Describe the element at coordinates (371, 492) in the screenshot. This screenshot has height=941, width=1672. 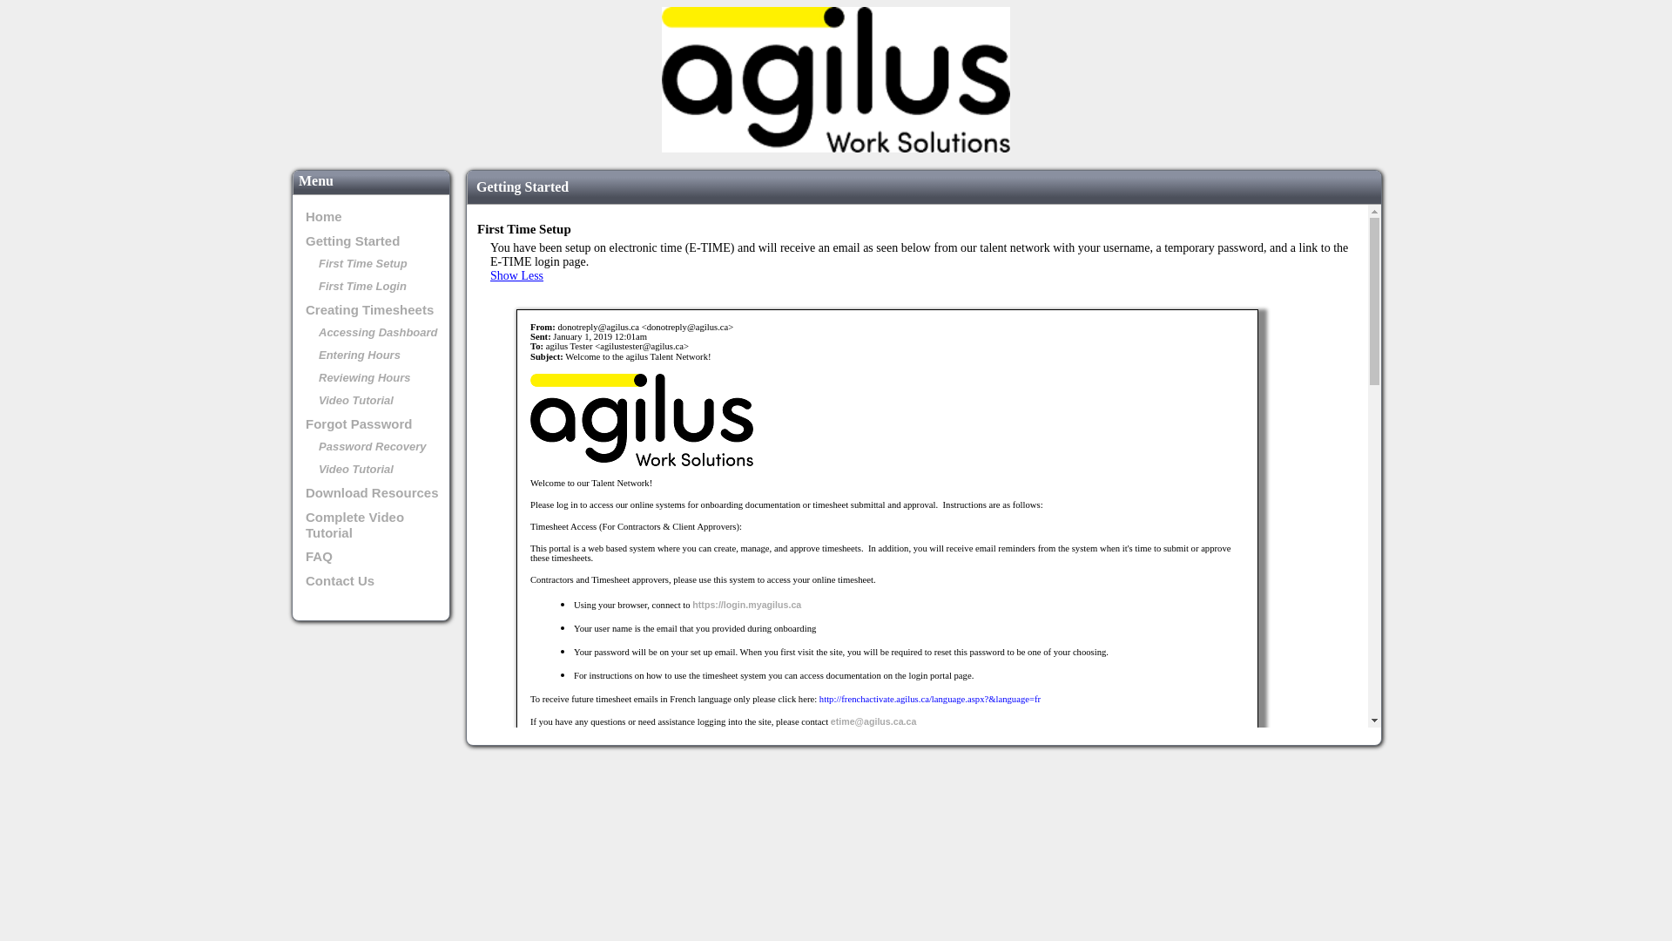
I see `'Download Resources'` at that location.